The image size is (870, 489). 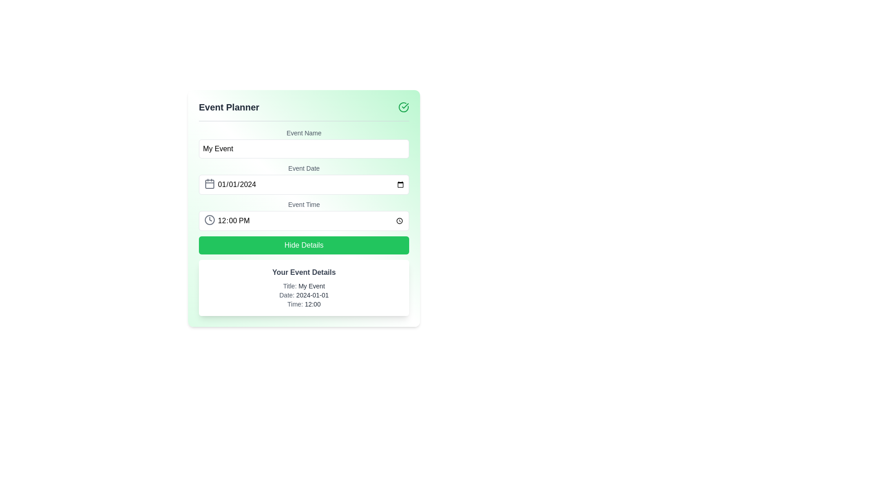 I want to click on the small clock icon located to the left of the time input field labeled 'Event Time', which displays '12:00 PM', so click(x=209, y=220).